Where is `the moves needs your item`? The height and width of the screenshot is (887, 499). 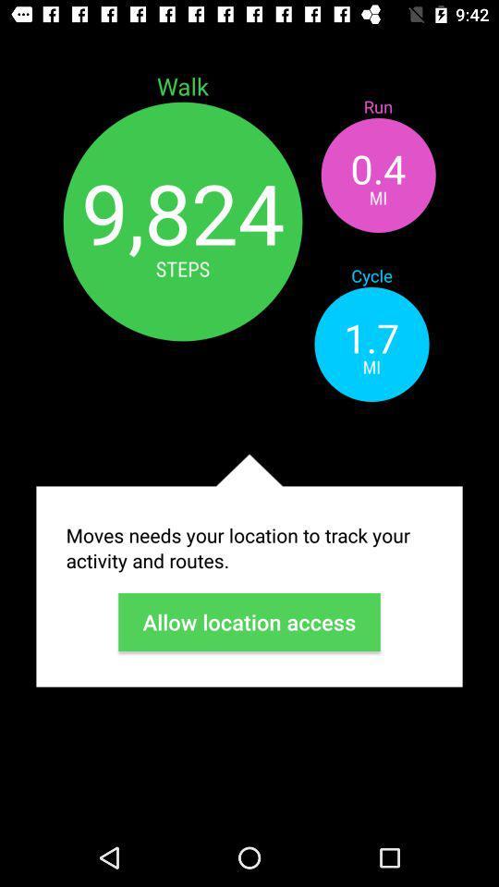
the moves needs your item is located at coordinates (249, 548).